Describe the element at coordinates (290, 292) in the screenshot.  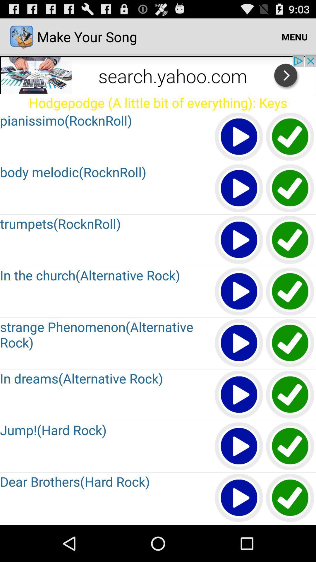
I see `the correct option` at that location.